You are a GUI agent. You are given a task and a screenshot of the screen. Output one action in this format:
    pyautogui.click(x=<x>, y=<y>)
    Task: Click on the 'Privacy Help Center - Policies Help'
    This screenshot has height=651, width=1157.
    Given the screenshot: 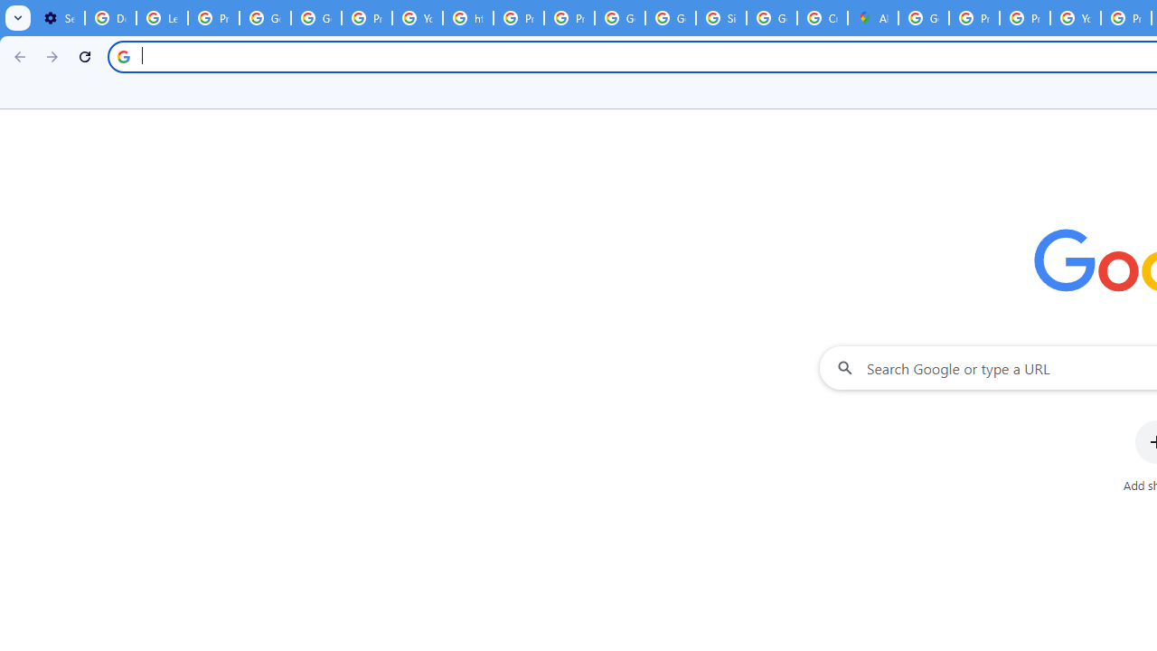 What is the action you would take?
    pyautogui.click(x=973, y=18)
    